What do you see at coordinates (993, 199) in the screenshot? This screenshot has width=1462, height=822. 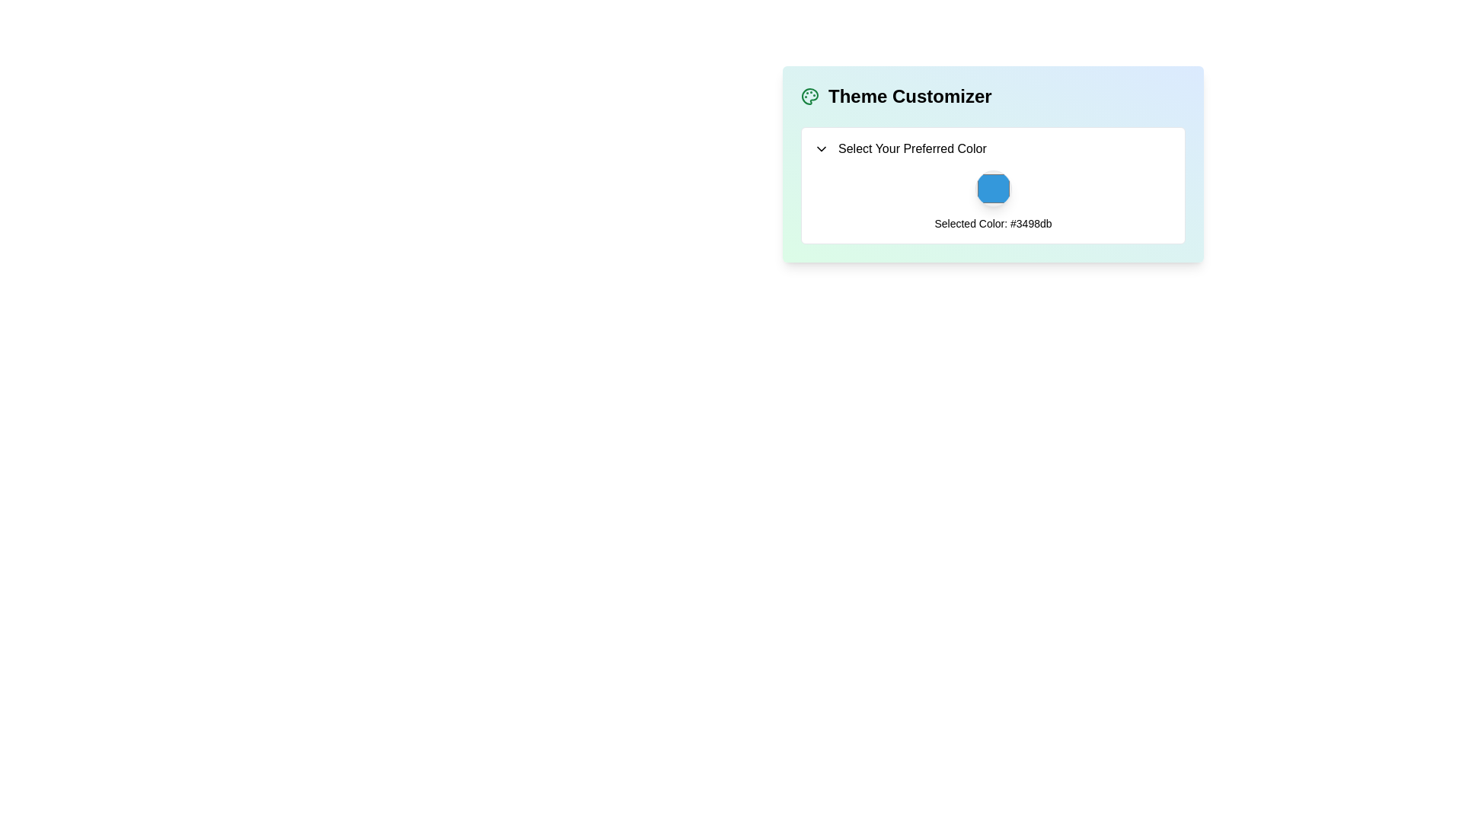 I see `the blue circular Color Display Icon representing the selected color, which is displayed above the text 'Selected Color: #3498db' in the Theme Customizer card` at bounding box center [993, 199].